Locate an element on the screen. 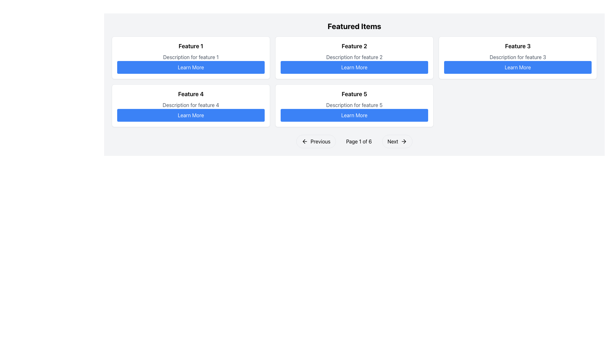 The height and width of the screenshot is (345, 613). the 'Next' button by clicking on the small right-pointing arrow icon located within it is located at coordinates (405, 141).